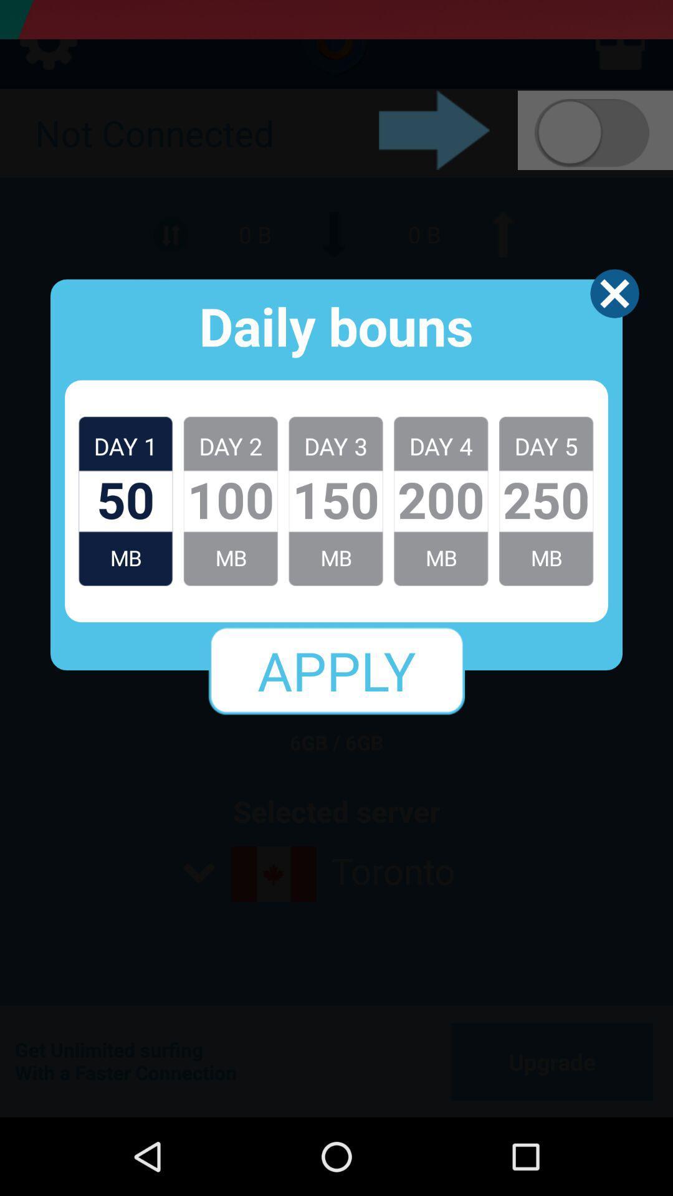 This screenshot has height=1196, width=673. What do you see at coordinates (614, 293) in the screenshot?
I see `the icon at the top right corner` at bounding box center [614, 293].